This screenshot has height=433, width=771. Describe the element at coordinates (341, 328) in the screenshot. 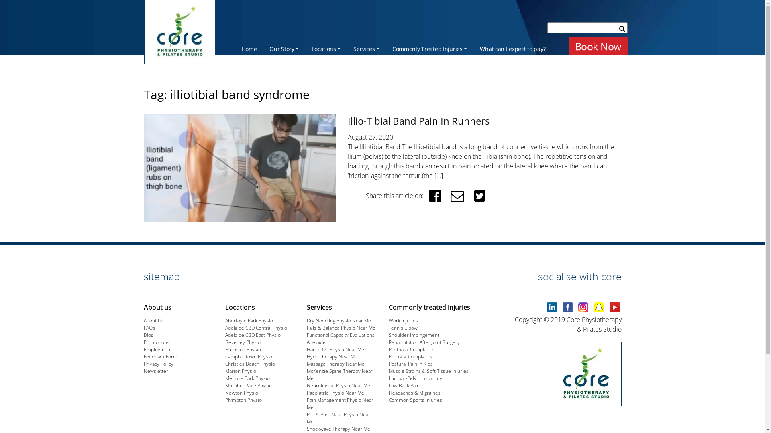

I see `'Falls & Balance Physio Near Me'` at that location.